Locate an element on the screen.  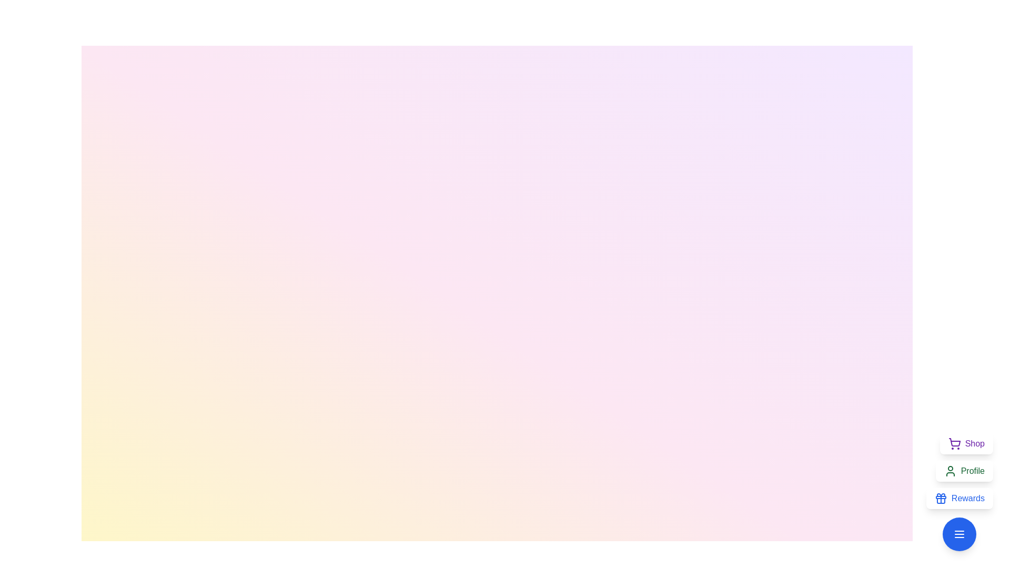
the 'Rewards' icon located in the right sidebar above the text 'Rewards' is located at coordinates (941, 498).